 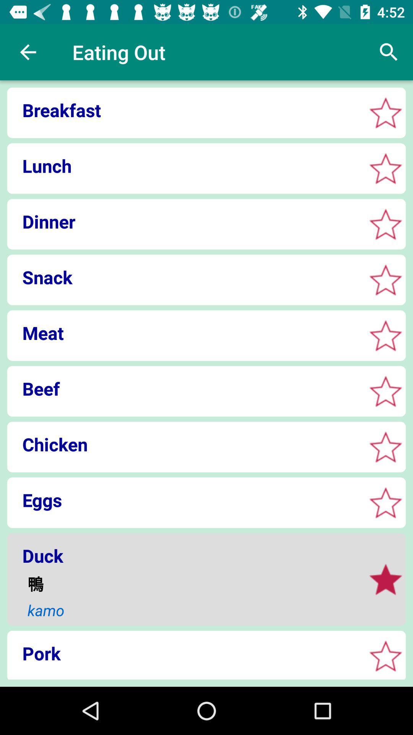 I want to click on the item above the kamo, so click(x=191, y=583).